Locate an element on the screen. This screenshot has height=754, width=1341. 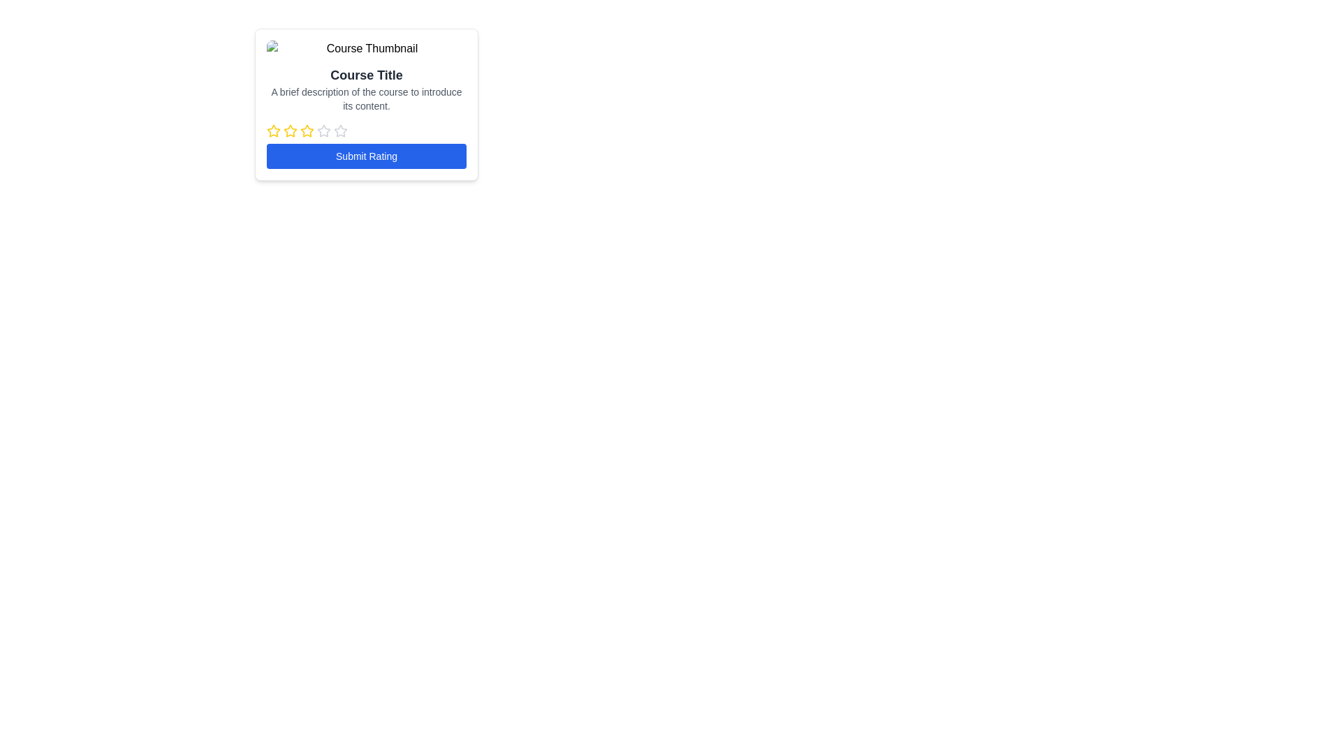
the third star icon in the rating selector for keyboard interaction is located at coordinates (323, 131).